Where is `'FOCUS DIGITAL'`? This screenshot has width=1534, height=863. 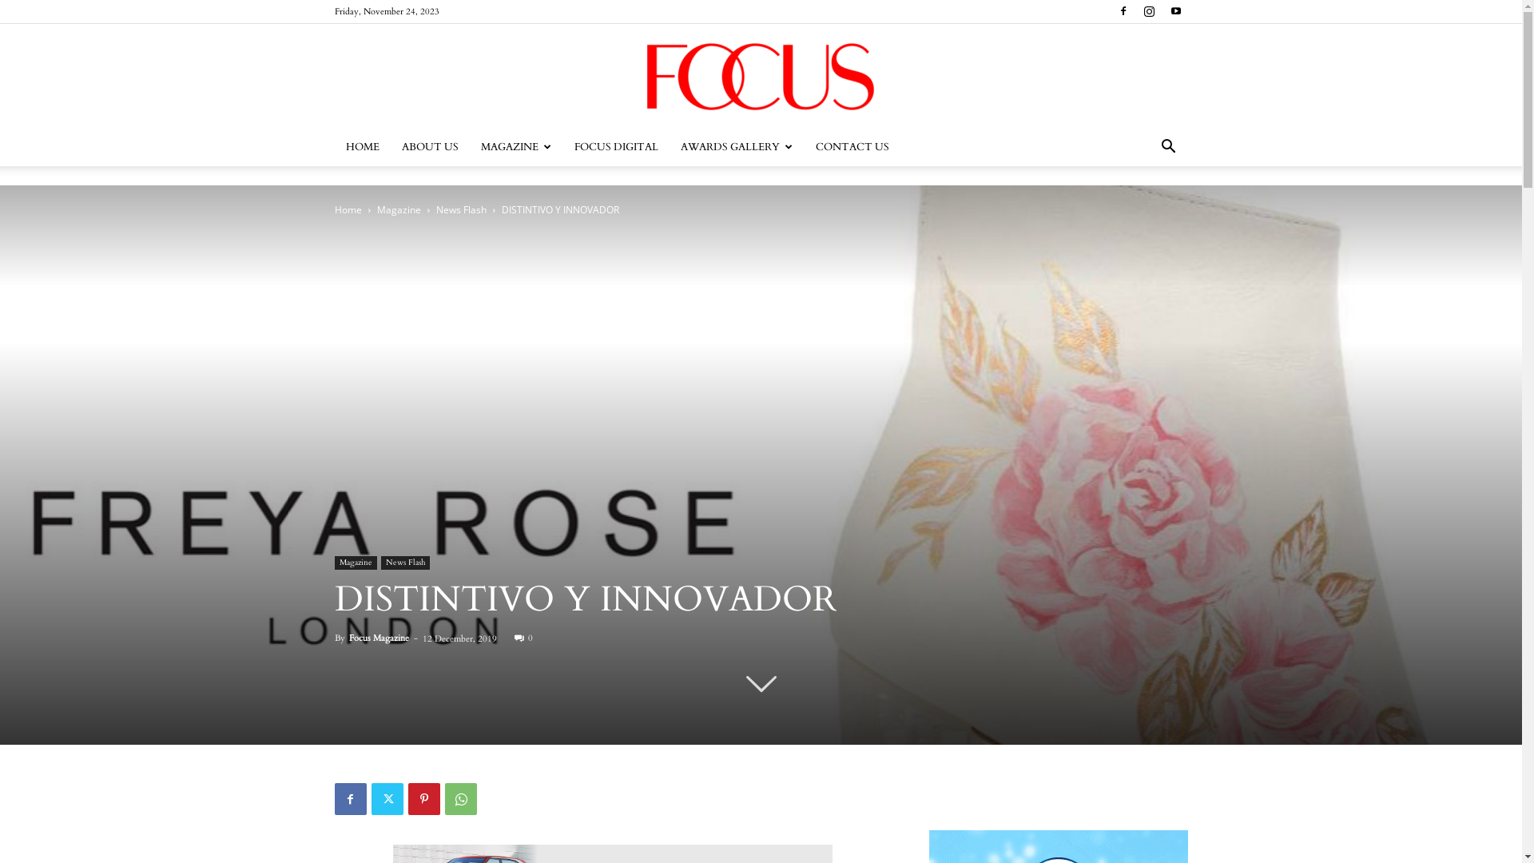 'FOCUS DIGITAL' is located at coordinates (614, 147).